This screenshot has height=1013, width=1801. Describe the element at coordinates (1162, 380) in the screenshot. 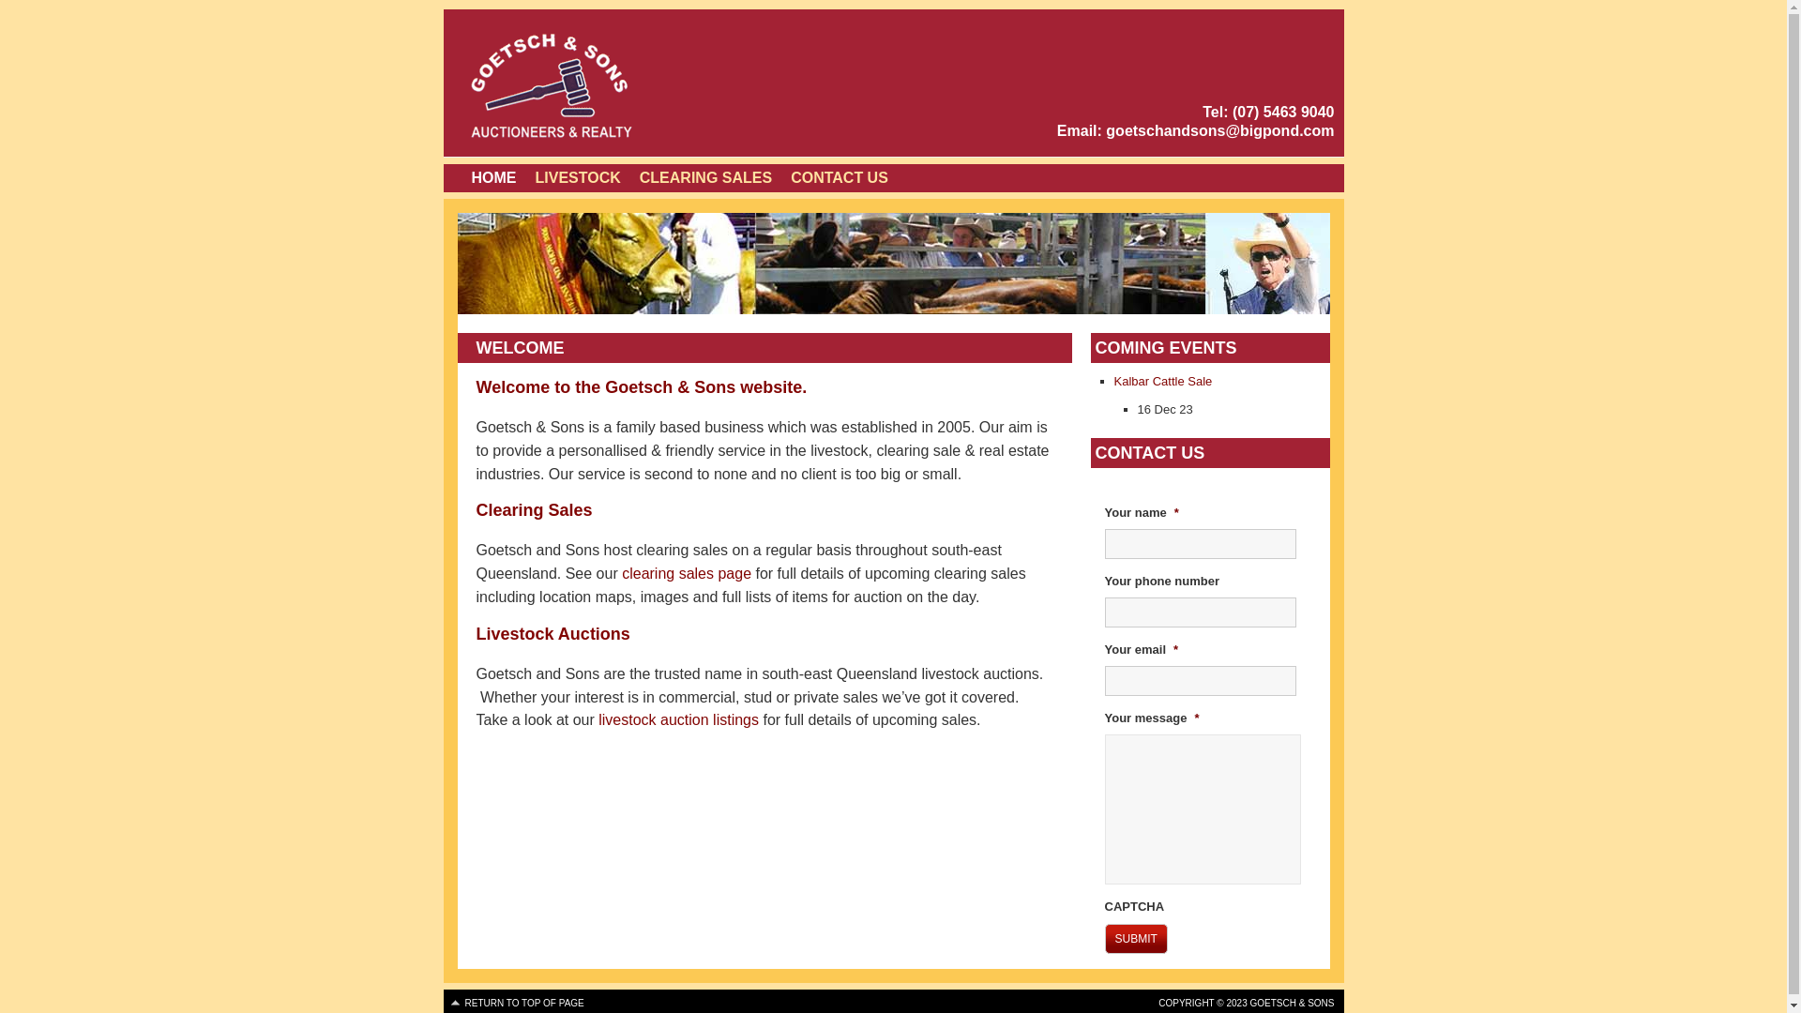

I see `'Kalbar Cattle Sale'` at that location.